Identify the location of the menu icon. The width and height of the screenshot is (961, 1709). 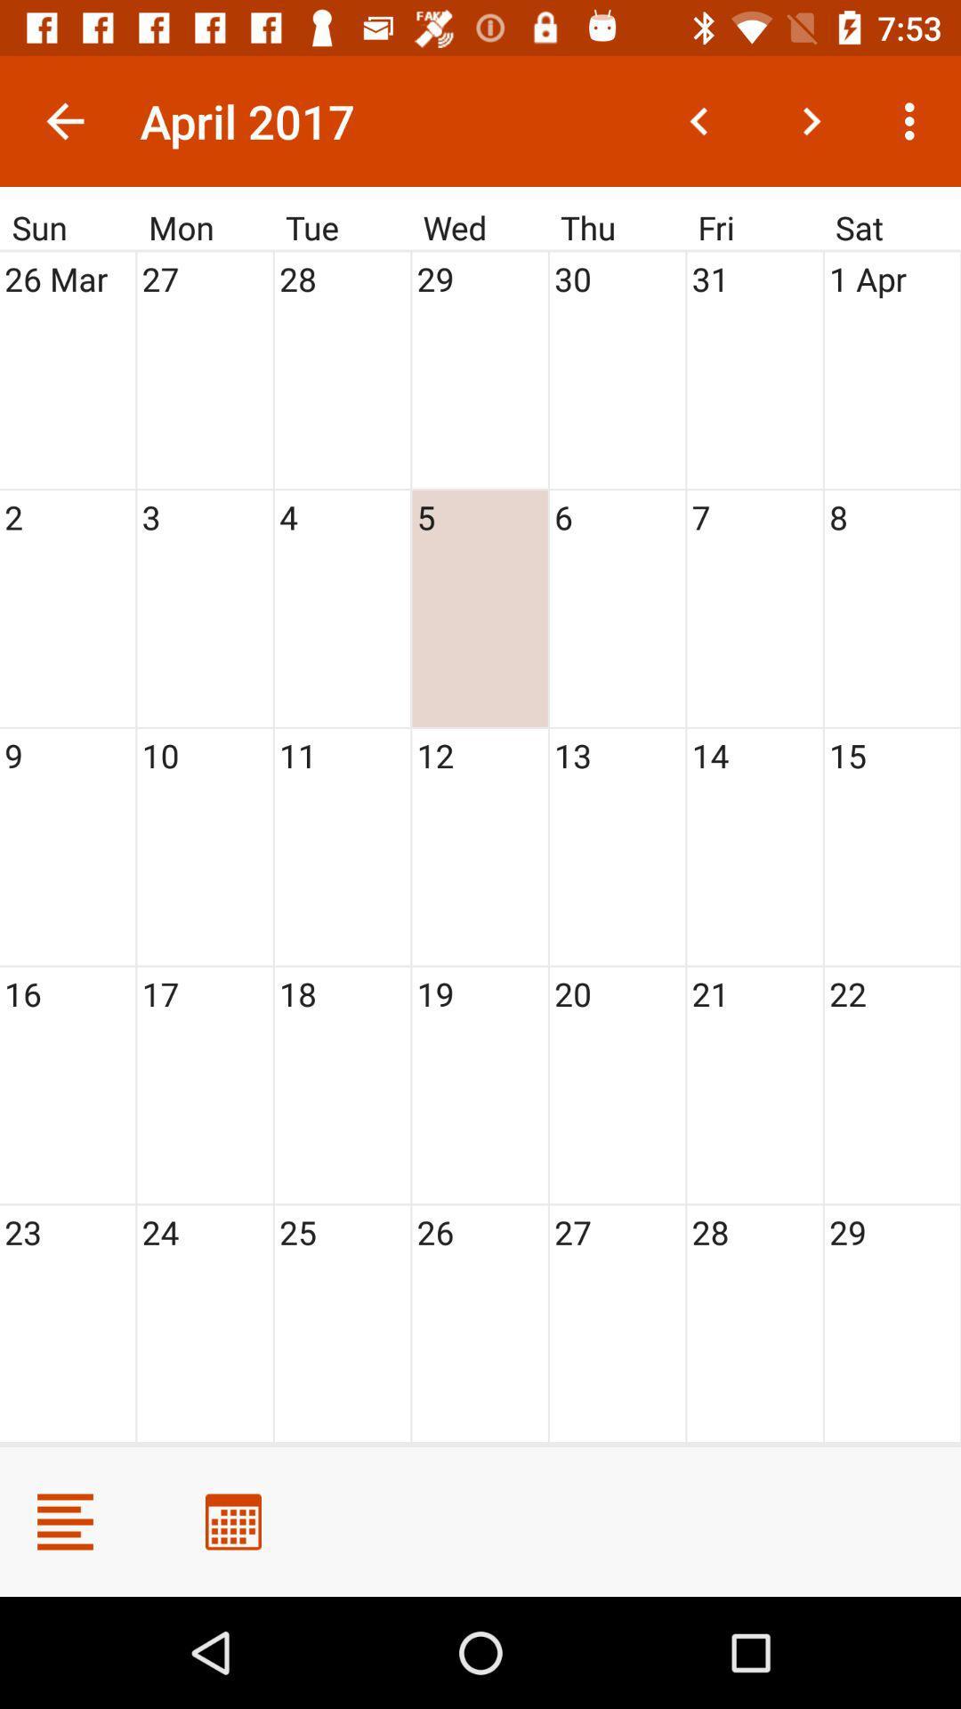
(64, 1520).